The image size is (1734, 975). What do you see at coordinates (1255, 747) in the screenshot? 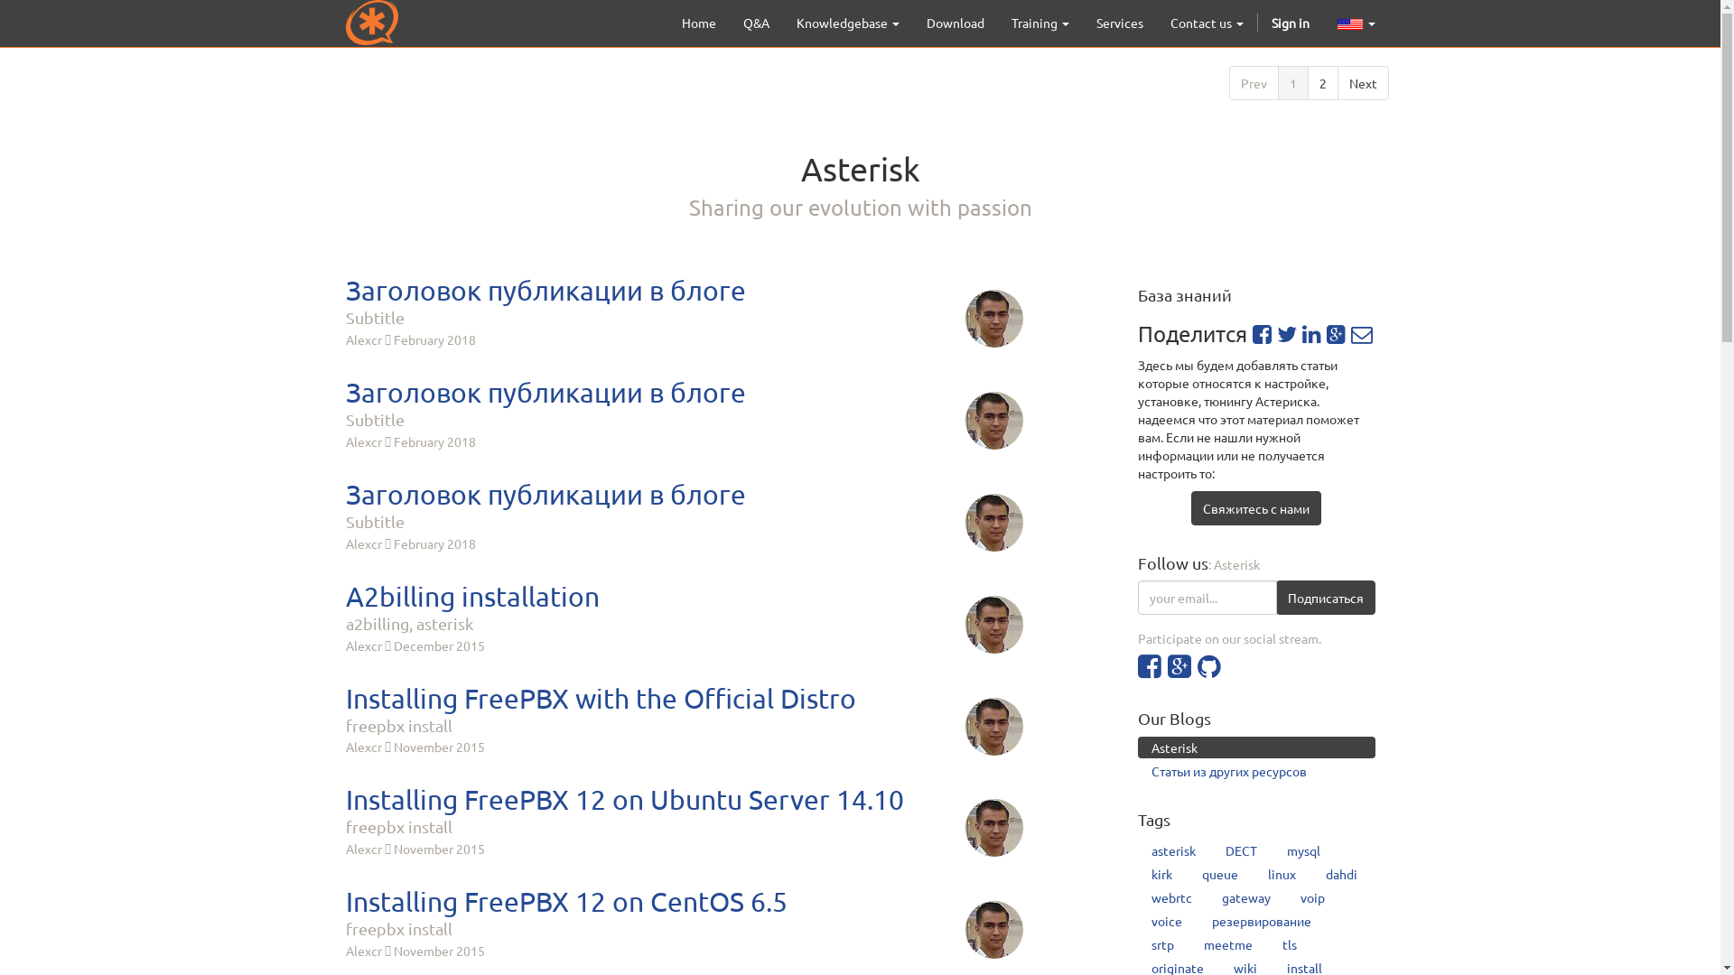
I see `'Asterisk'` at bounding box center [1255, 747].